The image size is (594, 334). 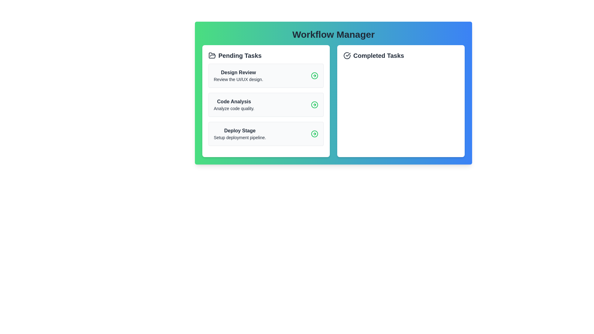 What do you see at coordinates (212, 56) in the screenshot?
I see `the 'Pending Tasks' icon, which is located in the header section, immediately to the left of the text 'Pending Tasks'` at bounding box center [212, 56].